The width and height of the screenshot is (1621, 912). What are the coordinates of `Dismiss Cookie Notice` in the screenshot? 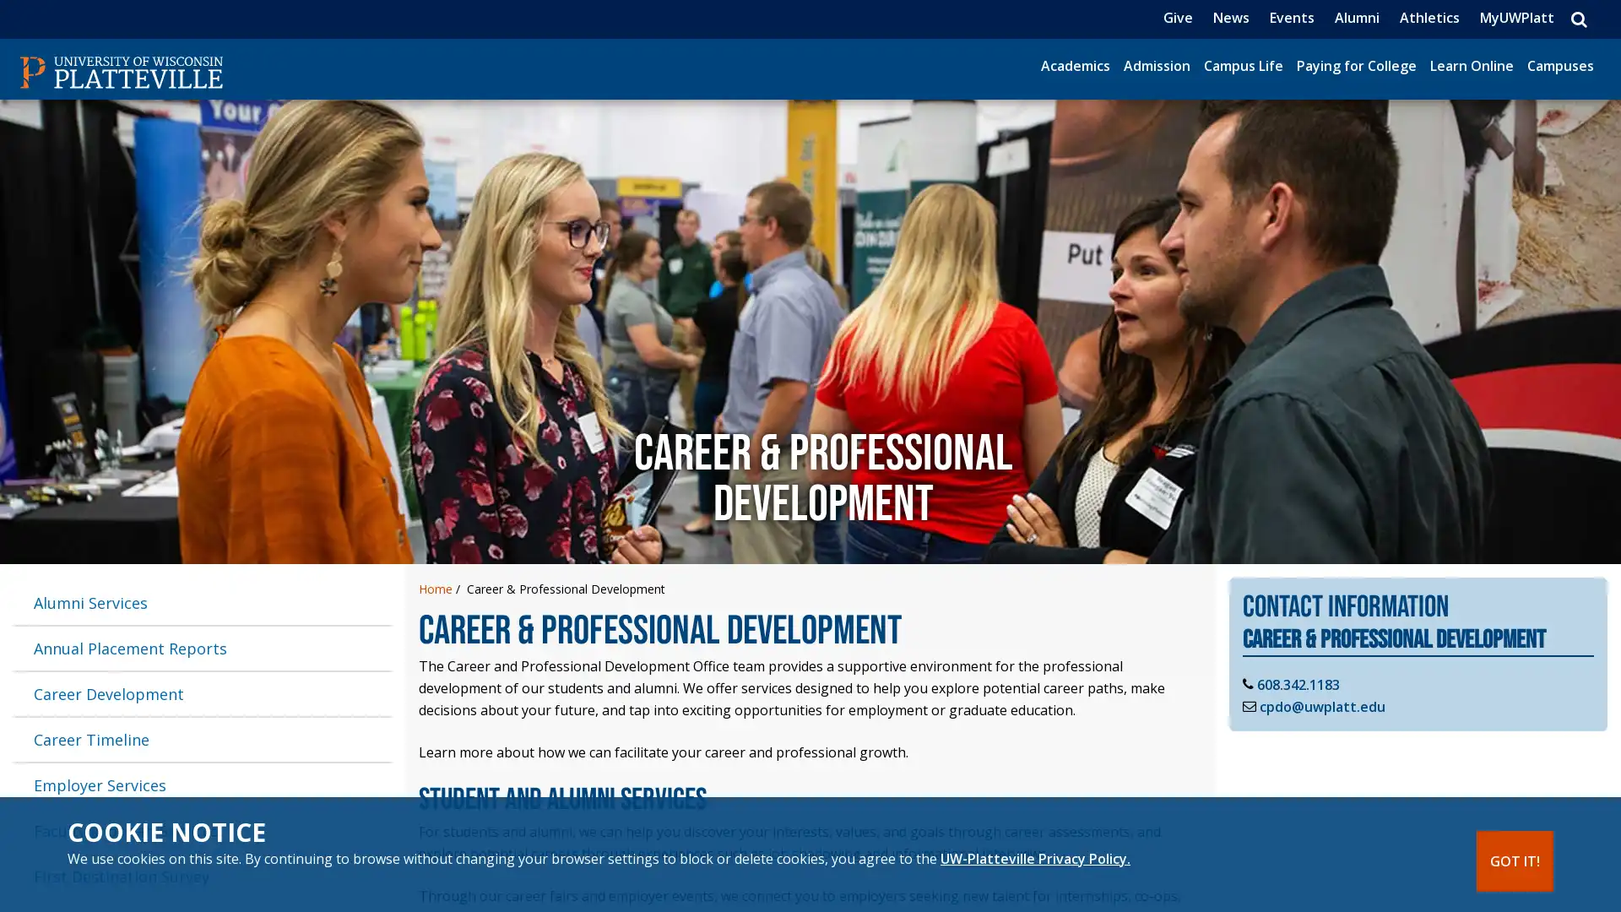 It's located at (1515, 860).